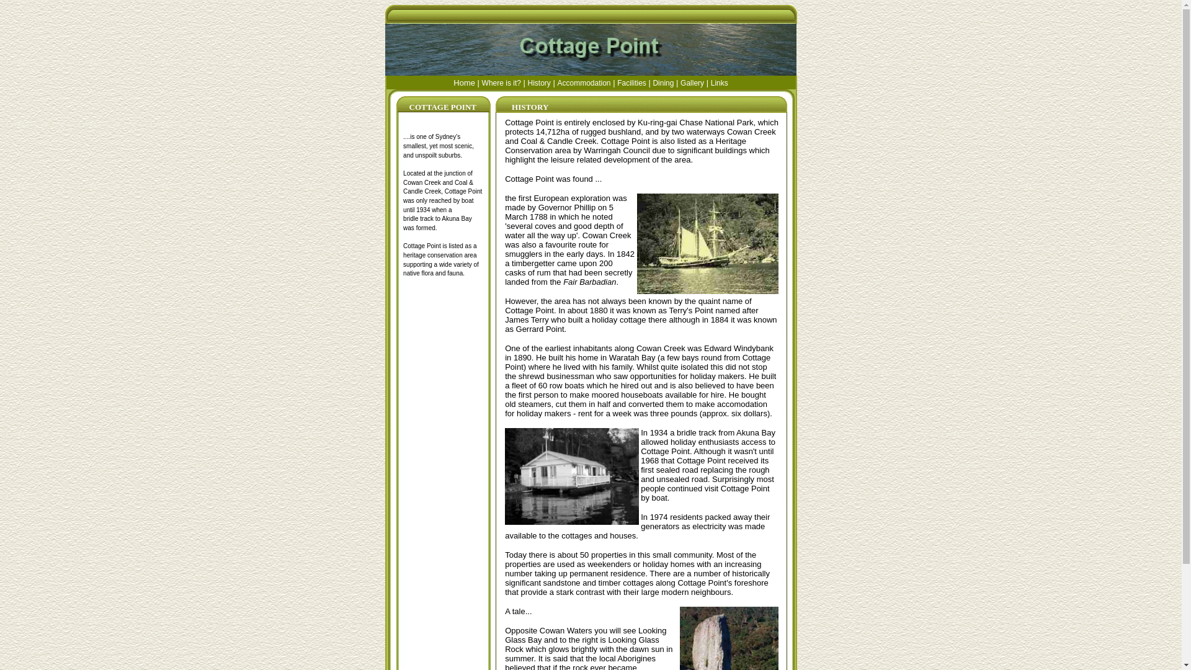 Image resolution: width=1191 pixels, height=670 pixels. Describe the element at coordinates (720, 82) in the screenshot. I see `'Links'` at that location.